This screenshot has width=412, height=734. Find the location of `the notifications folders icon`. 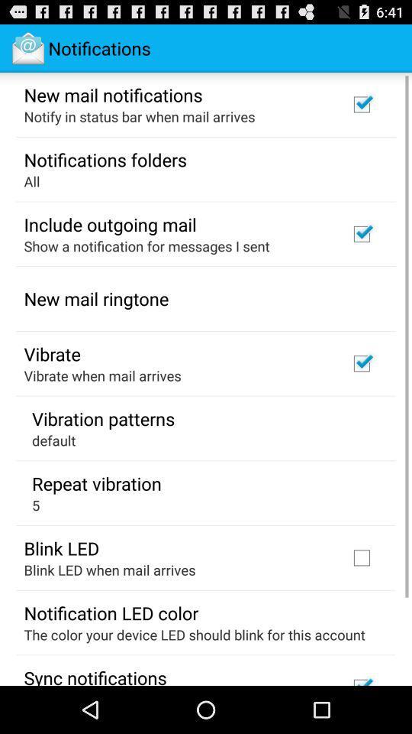

the notifications folders icon is located at coordinates (105, 159).